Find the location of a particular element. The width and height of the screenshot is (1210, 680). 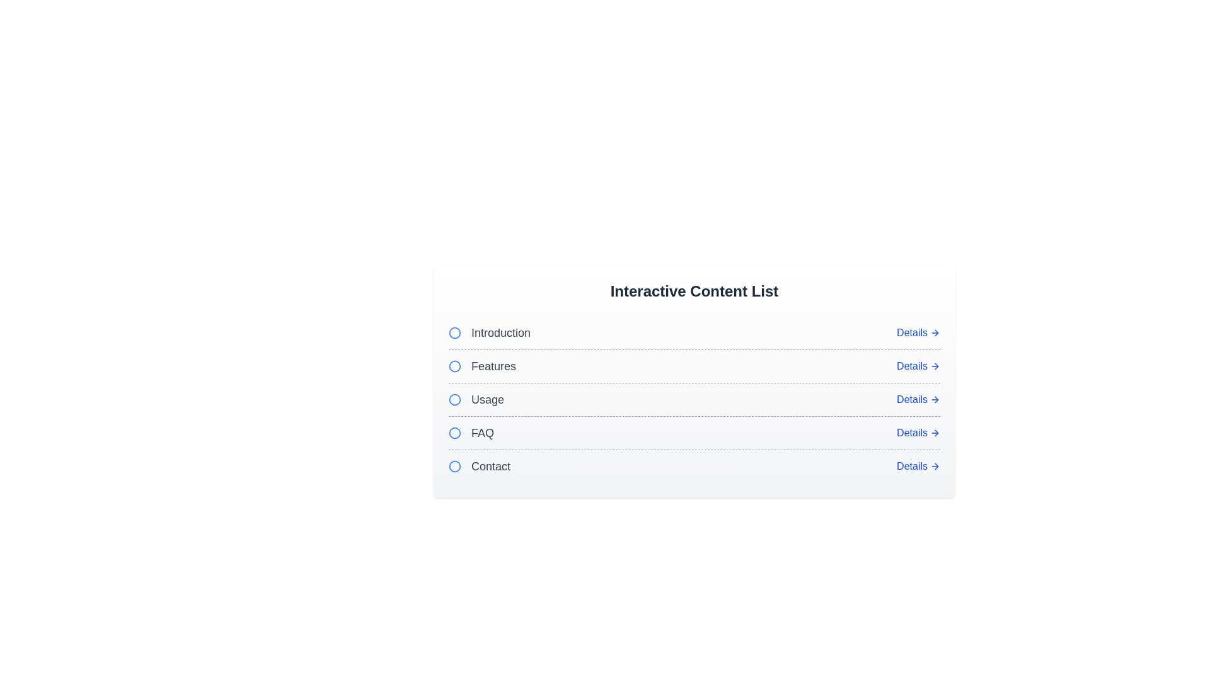

the first circular graphical icon is located at coordinates (454, 332).